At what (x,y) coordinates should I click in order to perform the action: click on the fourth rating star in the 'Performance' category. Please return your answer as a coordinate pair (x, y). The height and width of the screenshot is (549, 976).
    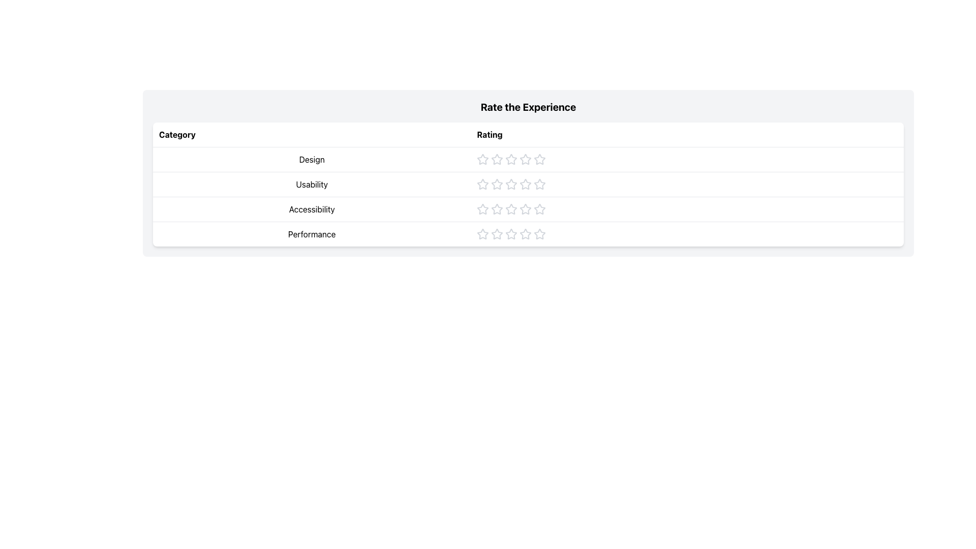
    Looking at the image, I should click on (539, 234).